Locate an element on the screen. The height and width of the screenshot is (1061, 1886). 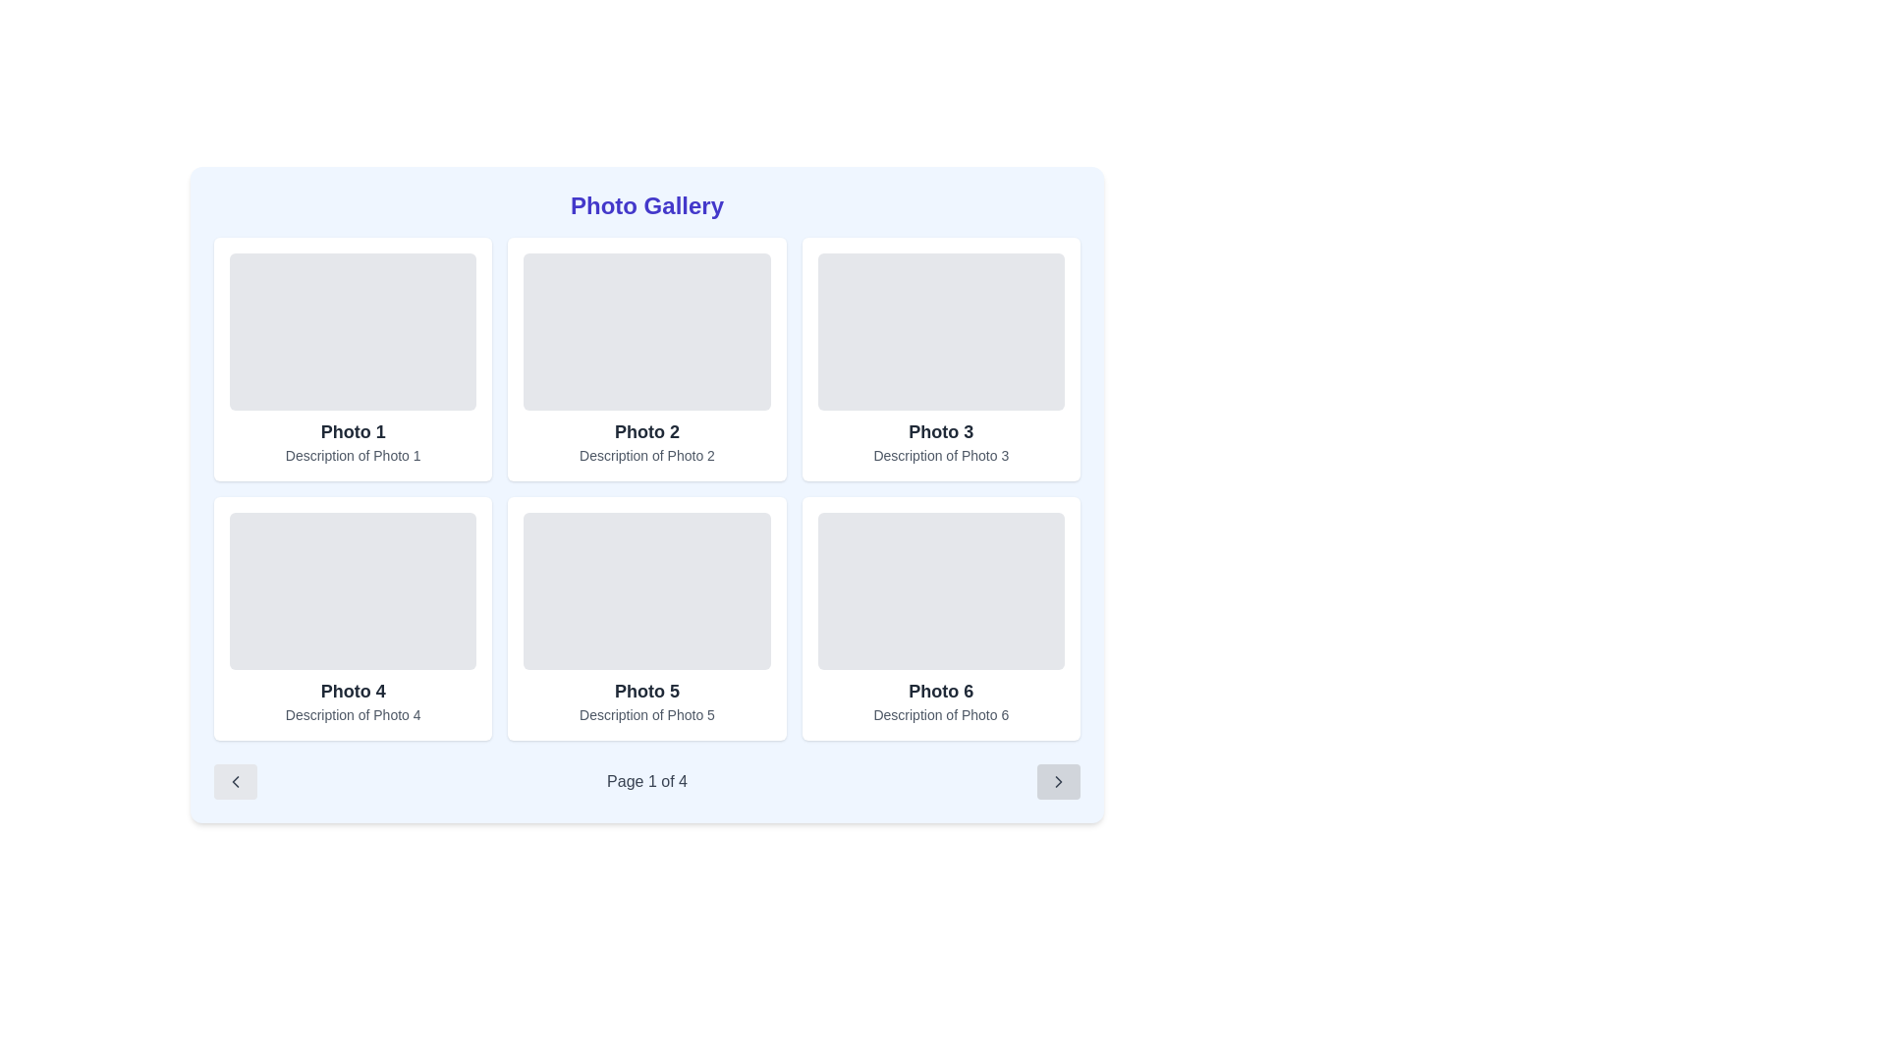
the descriptive text label associated with the photo card titled 'Photo 3', which is the third description label in a grid arrangement, located beneath 'Photo 3' is located at coordinates (940, 455).